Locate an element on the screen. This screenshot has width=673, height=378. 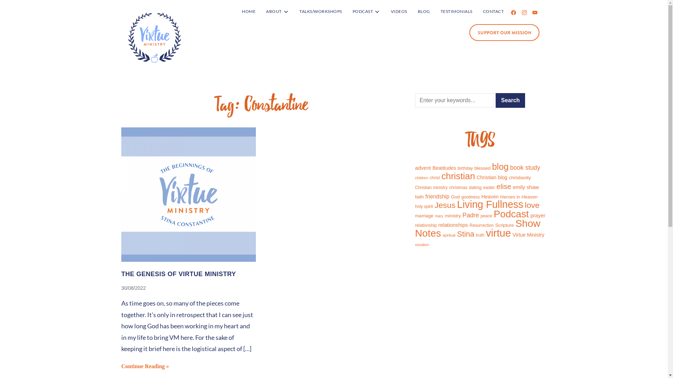
'Jesus' is located at coordinates (445, 205).